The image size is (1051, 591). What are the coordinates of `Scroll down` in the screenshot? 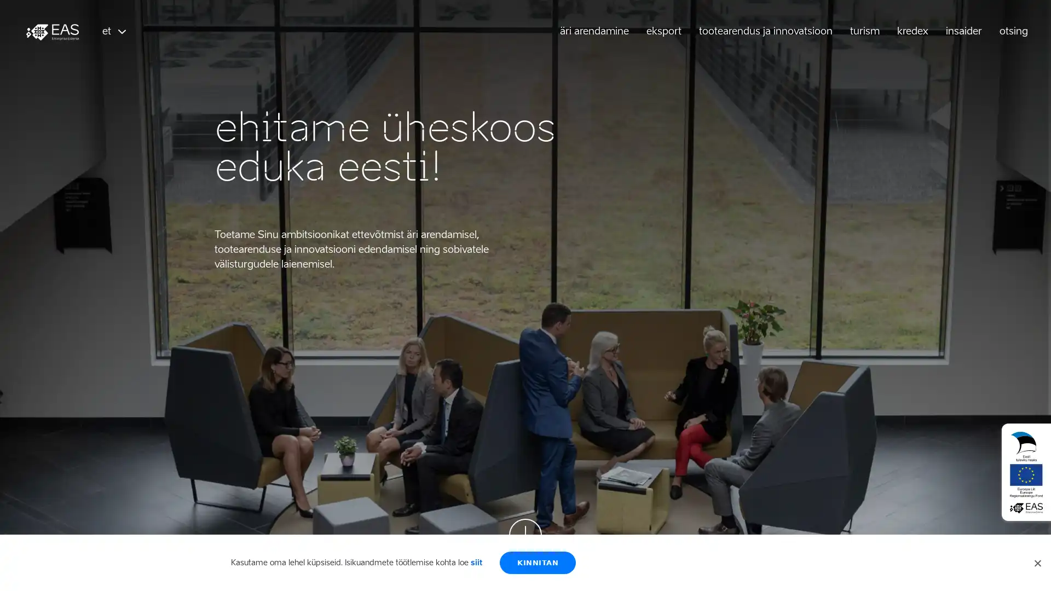 It's located at (525, 535).